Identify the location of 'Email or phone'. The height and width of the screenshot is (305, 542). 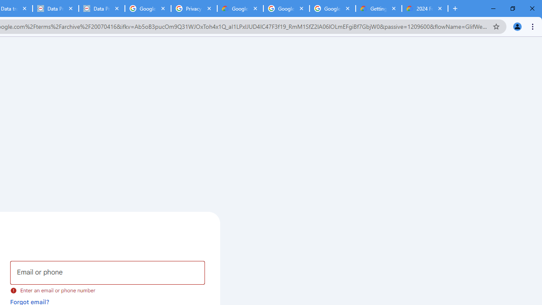
(107, 272).